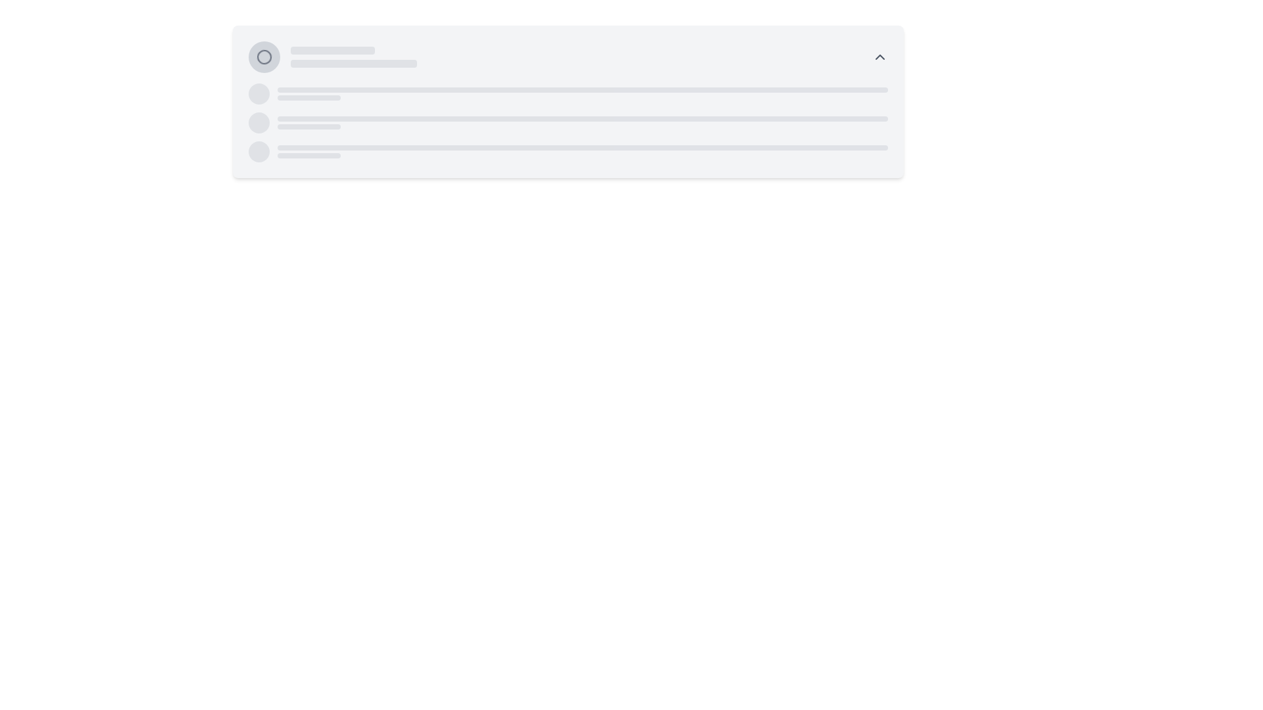  What do you see at coordinates (568, 151) in the screenshot?
I see `third instance of the Placeholder Loader Row, which contains a circular gray pulsating icon on the left and two rectangular gray pulsating placeholders on the right, by clicking on it` at bounding box center [568, 151].